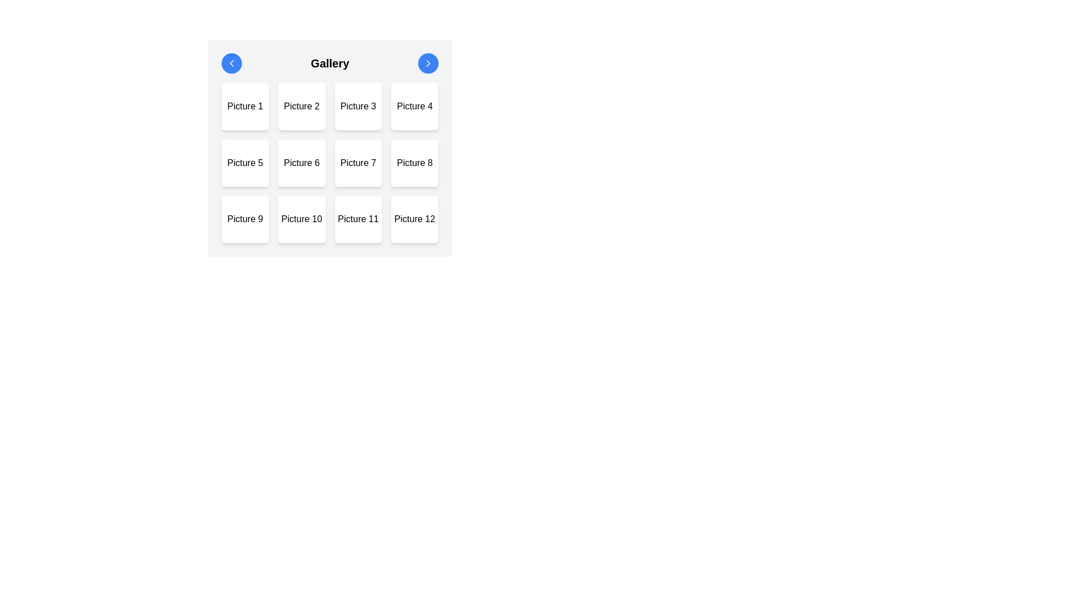 This screenshot has width=1088, height=612. Describe the element at coordinates (231, 63) in the screenshot. I see `the leftward-pointing chevron icon within the circular blue button located in the upper-left corner of the interface` at that location.